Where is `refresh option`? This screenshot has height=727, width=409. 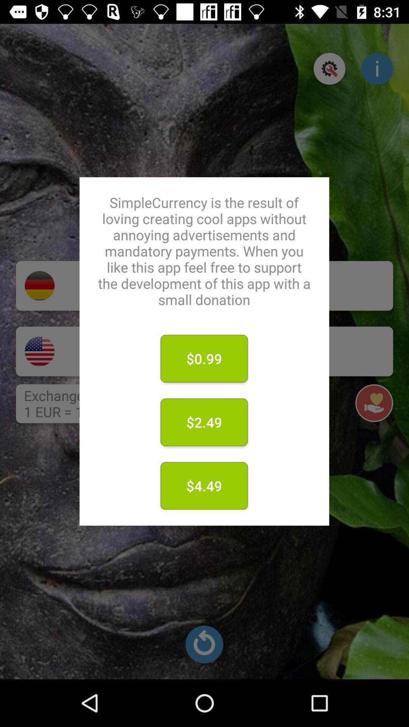 refresh option is located at coordinates (204, 644).